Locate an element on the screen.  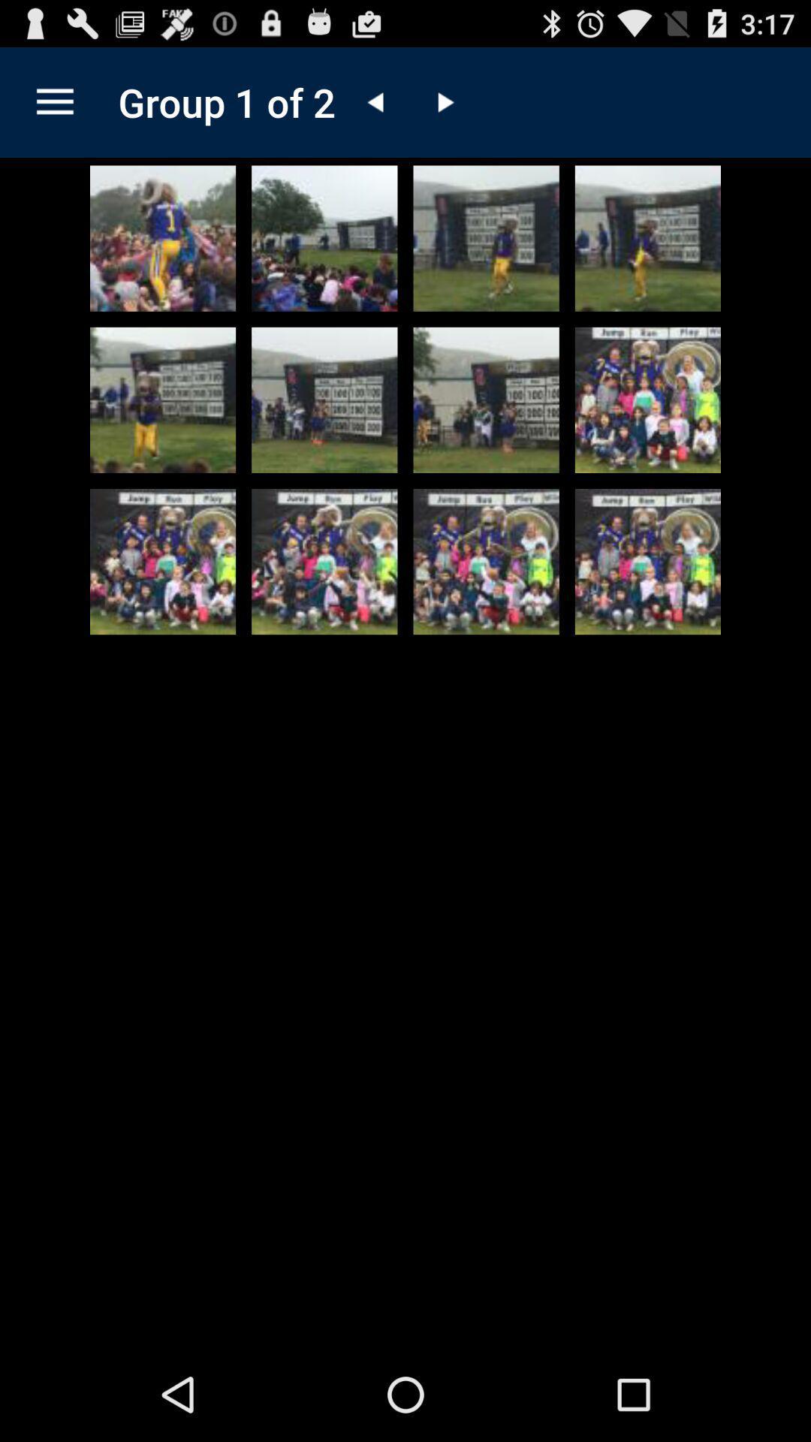
picture is located at coordinates (647, 400).